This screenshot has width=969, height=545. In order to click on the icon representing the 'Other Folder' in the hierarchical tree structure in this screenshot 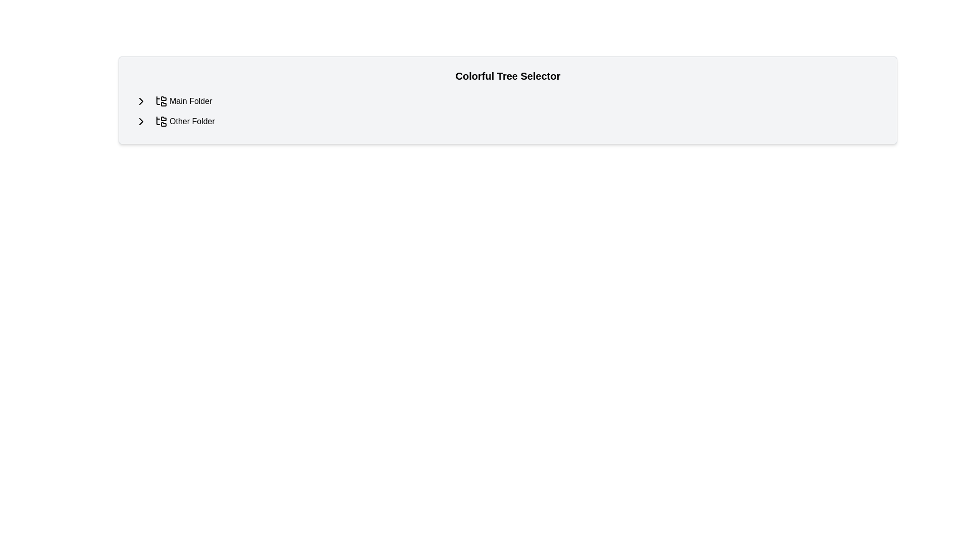, I will do `click(161, 121)`.